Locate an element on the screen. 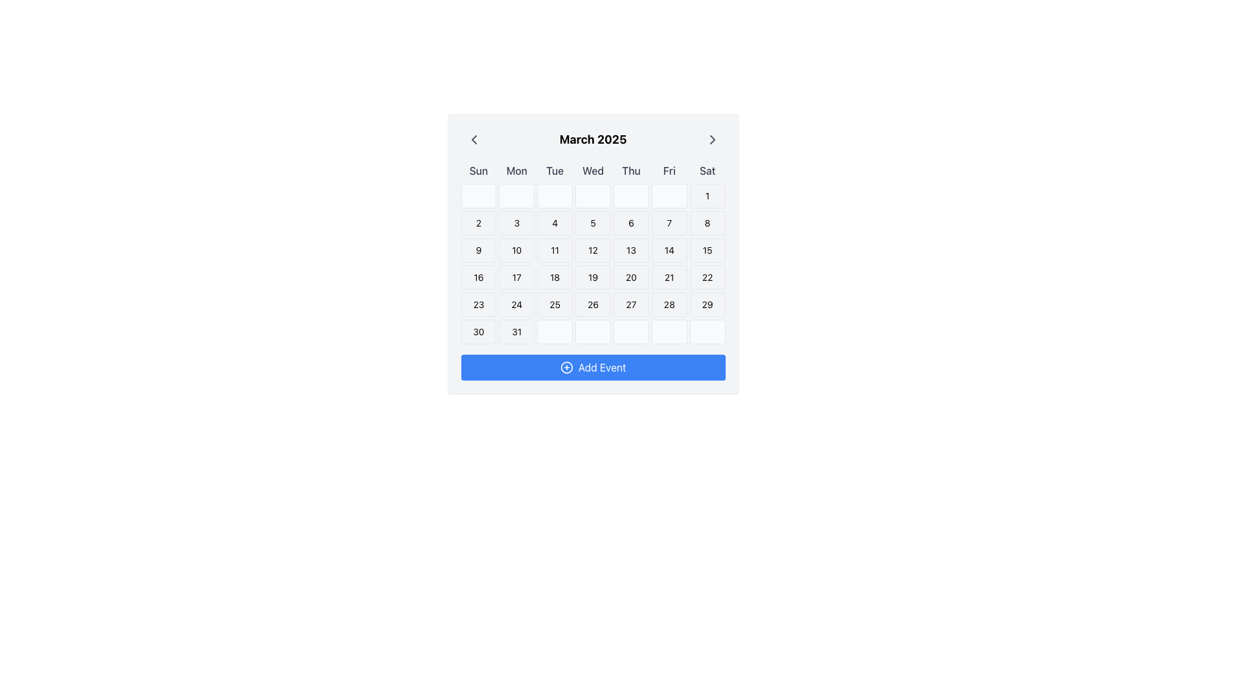  the button labeled '25' in the calendar interface is located at coordinates (555, 304).